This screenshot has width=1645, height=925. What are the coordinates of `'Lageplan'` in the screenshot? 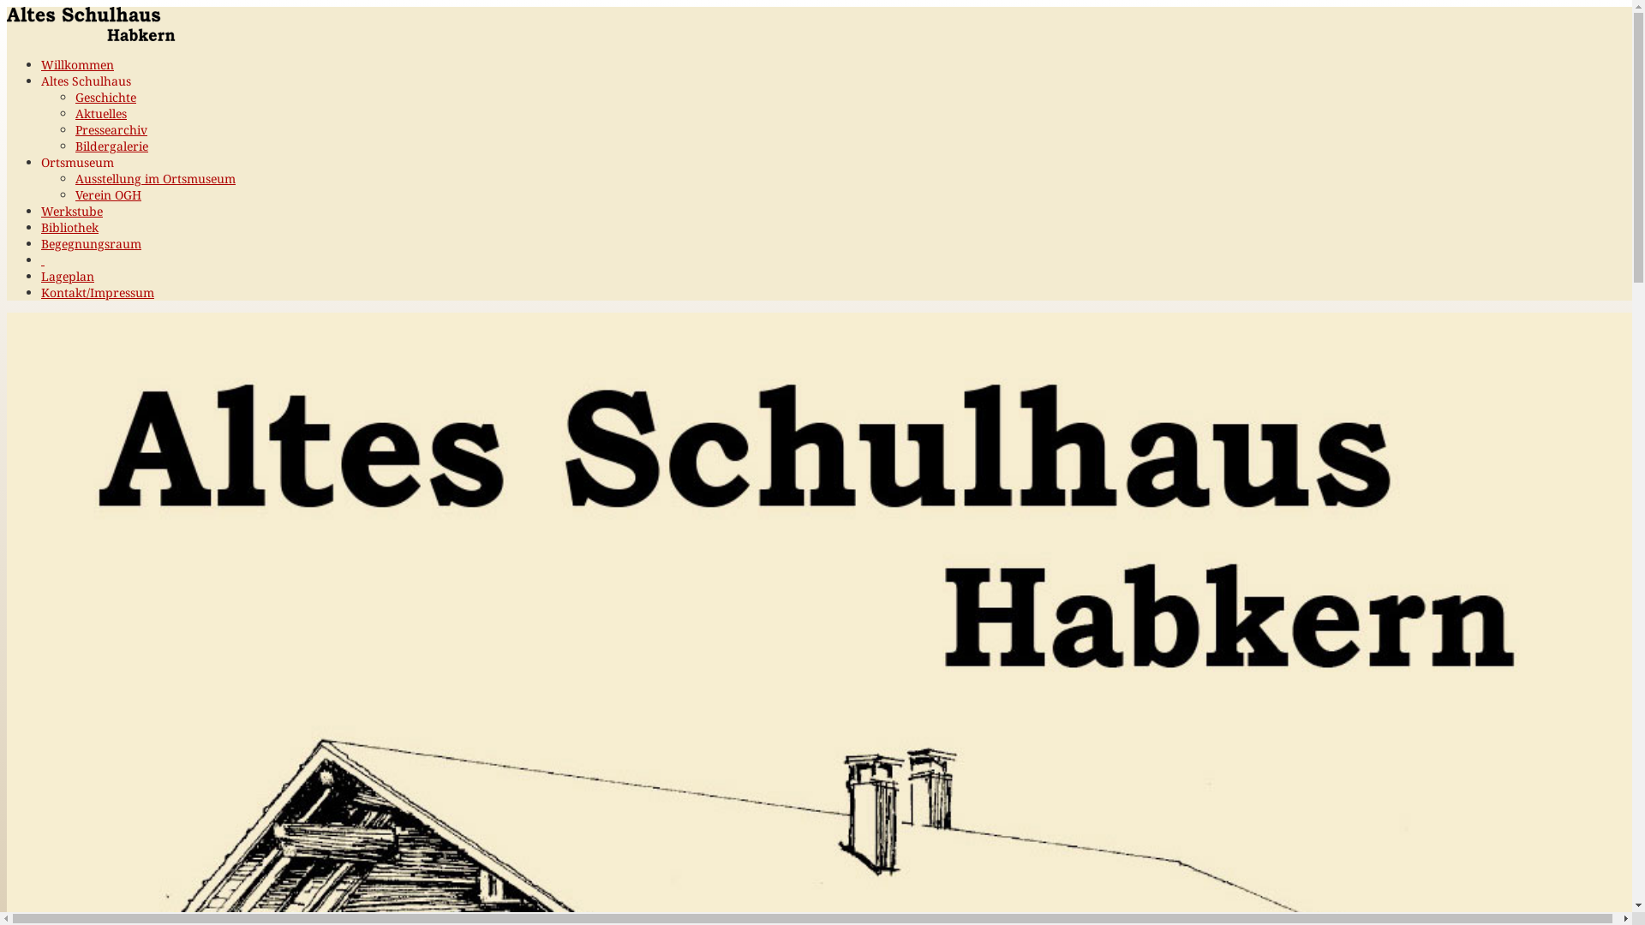 It's located at (67, 275).